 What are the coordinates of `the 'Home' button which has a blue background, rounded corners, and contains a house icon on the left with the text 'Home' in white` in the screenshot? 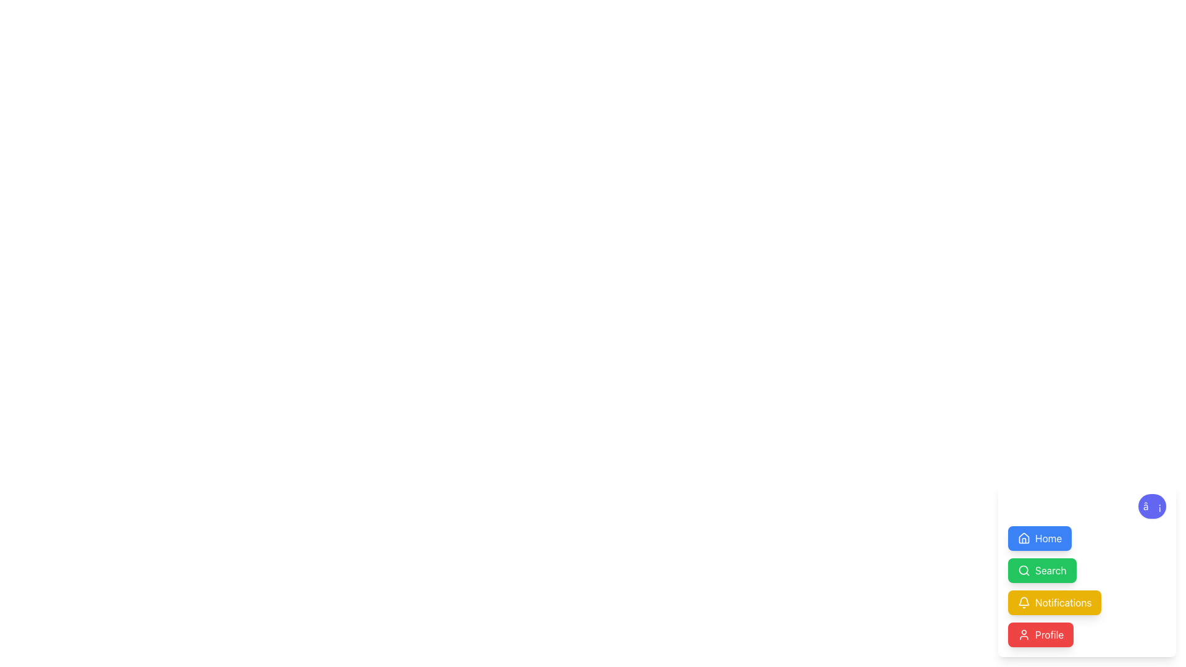 It's located at (1039, 537).